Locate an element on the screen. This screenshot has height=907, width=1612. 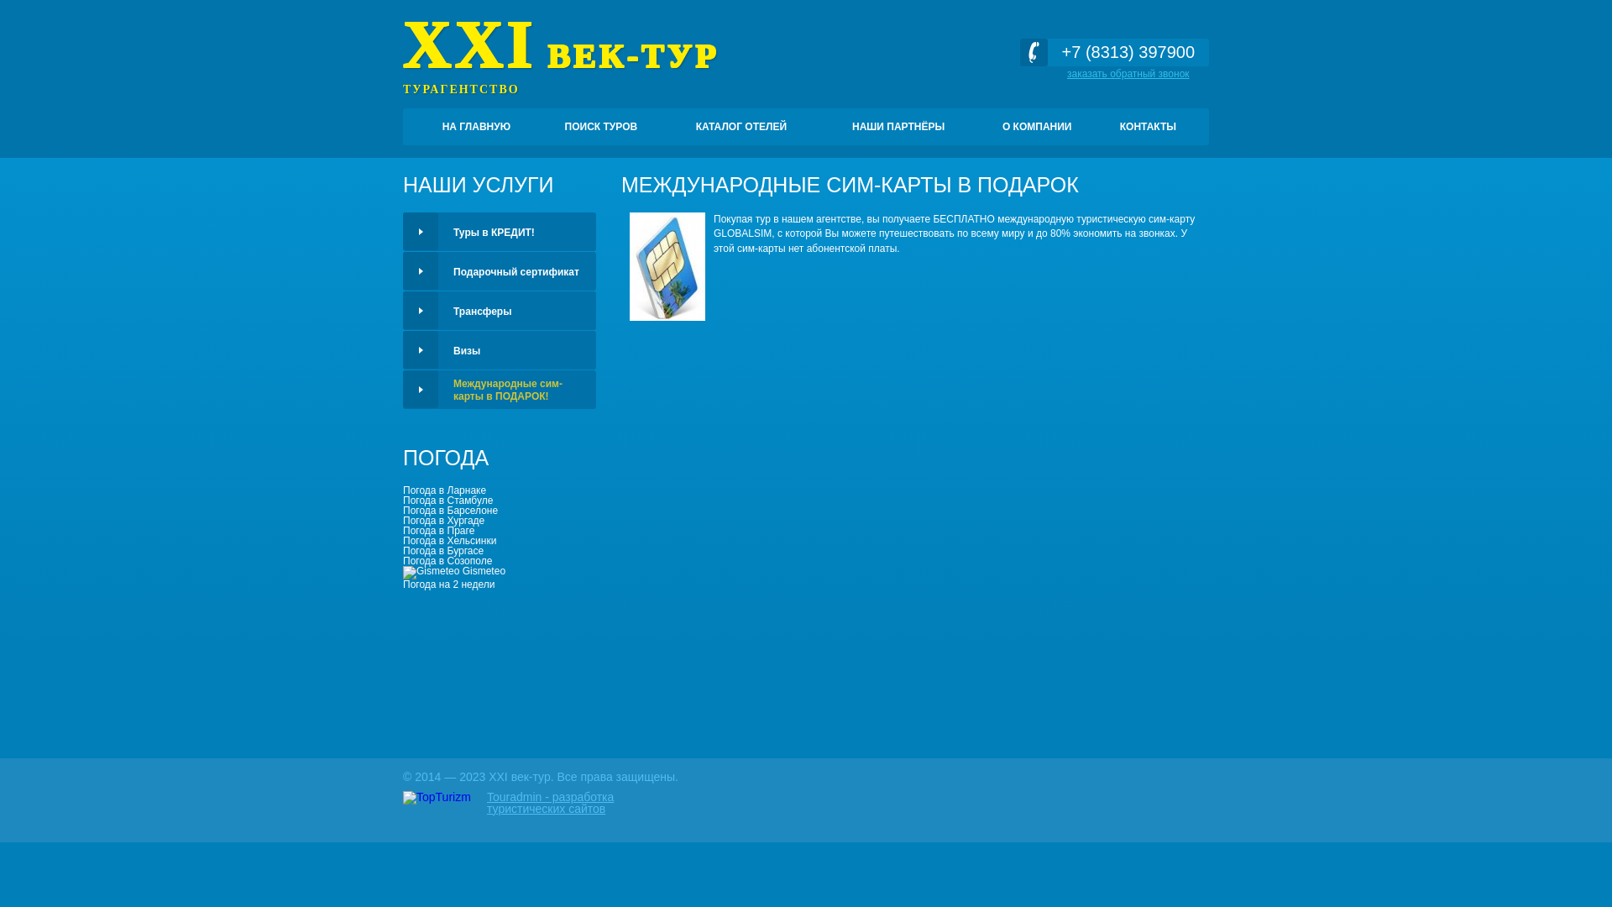
'Gismeteo' is located at coordinates (454, 569).